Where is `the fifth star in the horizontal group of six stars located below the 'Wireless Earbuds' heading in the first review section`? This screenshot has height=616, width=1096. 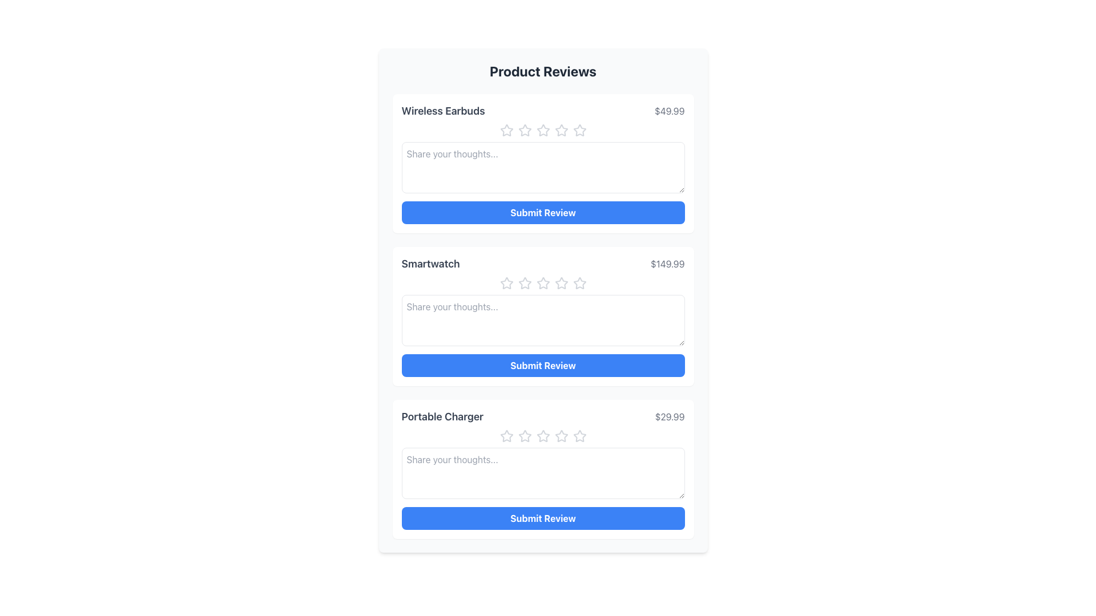 the fifth star in the horizontal group of six stars located below the 'Wireless Earbuds' heading in the first review section is located at coordinates (579, 129).